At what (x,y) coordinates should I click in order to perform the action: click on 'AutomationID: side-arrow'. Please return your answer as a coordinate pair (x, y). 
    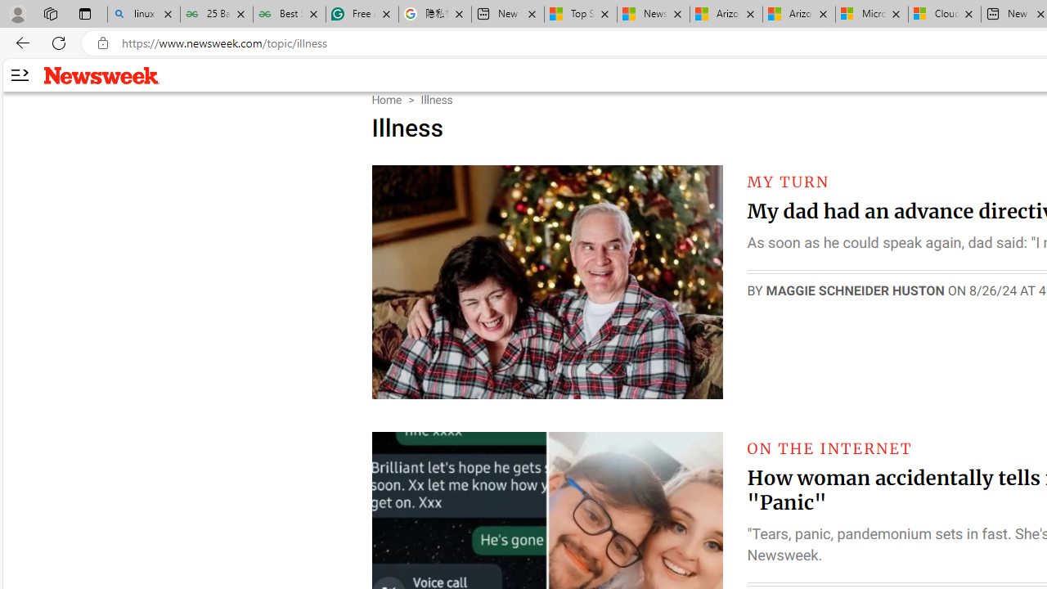
    Looking at the image, I should click on (19, 75).